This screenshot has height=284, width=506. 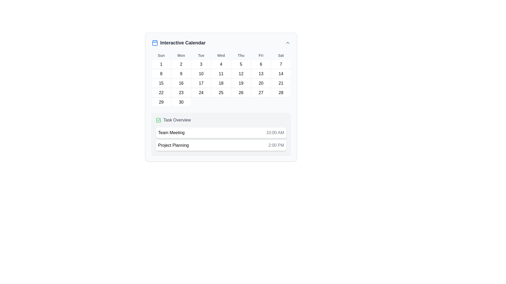 What do you see at coordinates (183, 42) in the screenshot?
I see `the title text label located to the right of the blue calendar-shaped icon in the calendar interface` at bounding box center [183, 42].